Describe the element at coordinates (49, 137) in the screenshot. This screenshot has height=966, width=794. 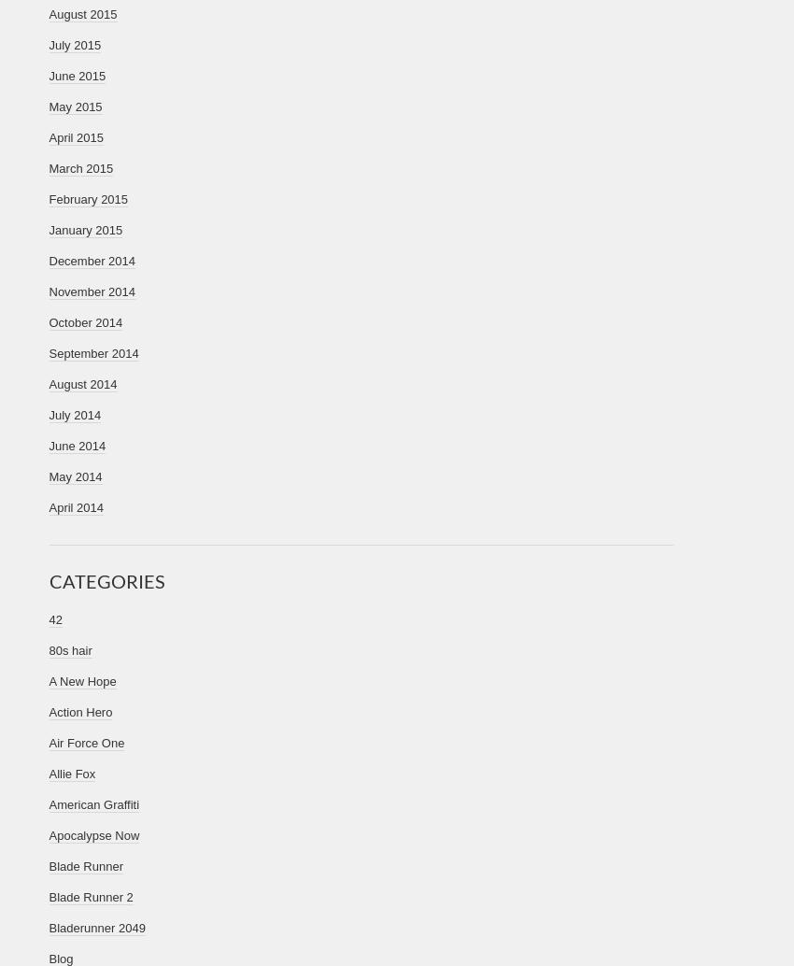
I see `'April 2015'` at that location.